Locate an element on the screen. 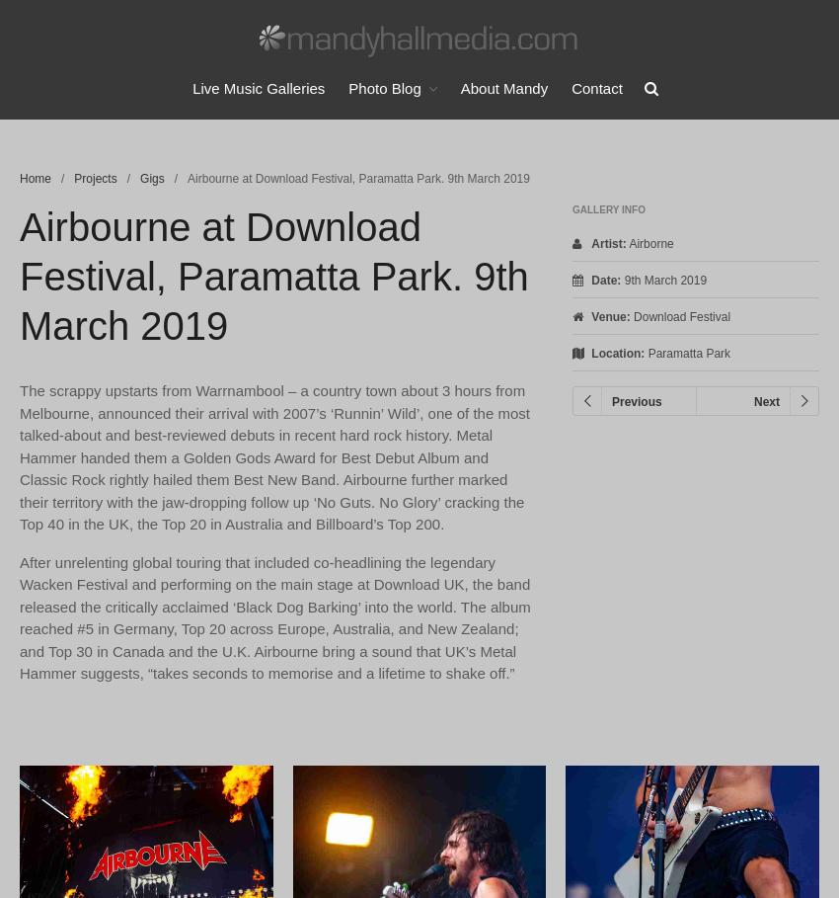  'After unrelenting global touring that included co-headlining the legendary Wacken Festival and performing on the main stage at Download UK, the band released the critically acclaimed ‘Black Dog Barking’ into the world. The album reached #5 in Germany, Top 20 across Europe, Australia, and New Zealand; and Top 30 in Canada and the U.K. Airbourne bring a sound that UK’s Metal Hammer suggests, “takes seconds to memorise and a lifetime to shake off.”' is located at coordinates (273, 617).